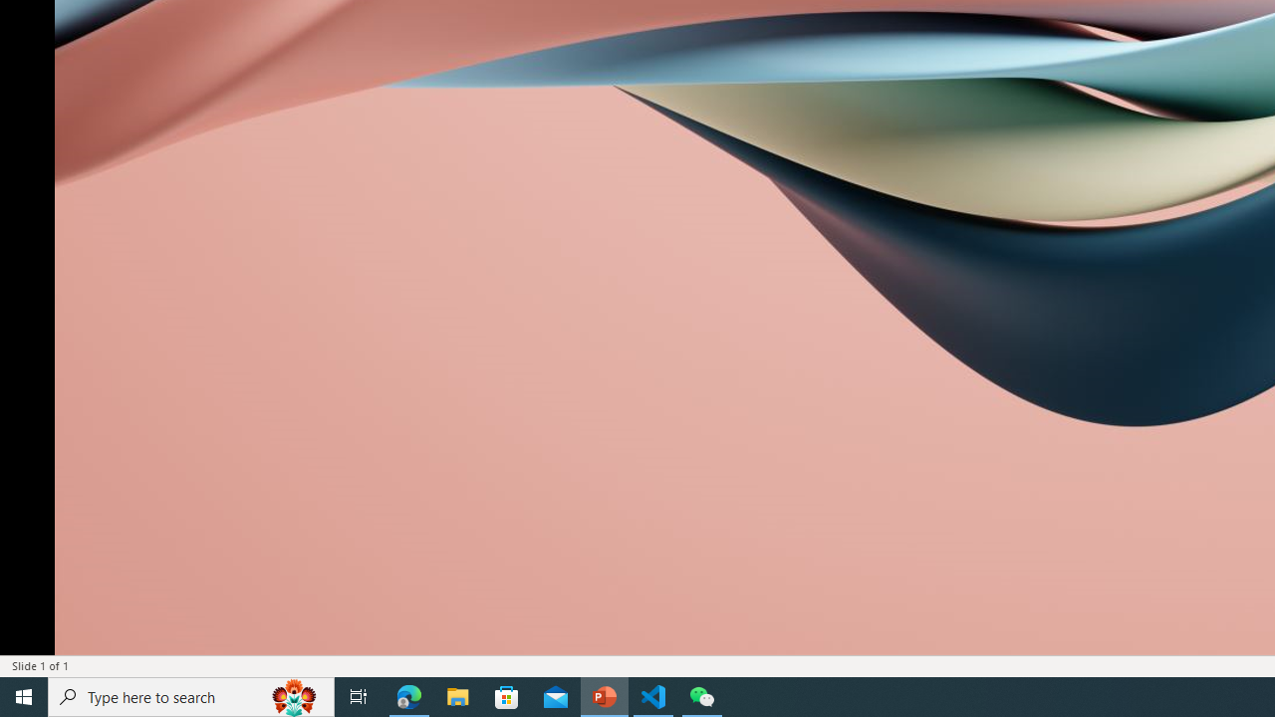 Image resolution: width=1275 pixels, height=717 pixels. Describe the element at coordinates (24, 695) in the screenshot. I see `'Start'` at that location.